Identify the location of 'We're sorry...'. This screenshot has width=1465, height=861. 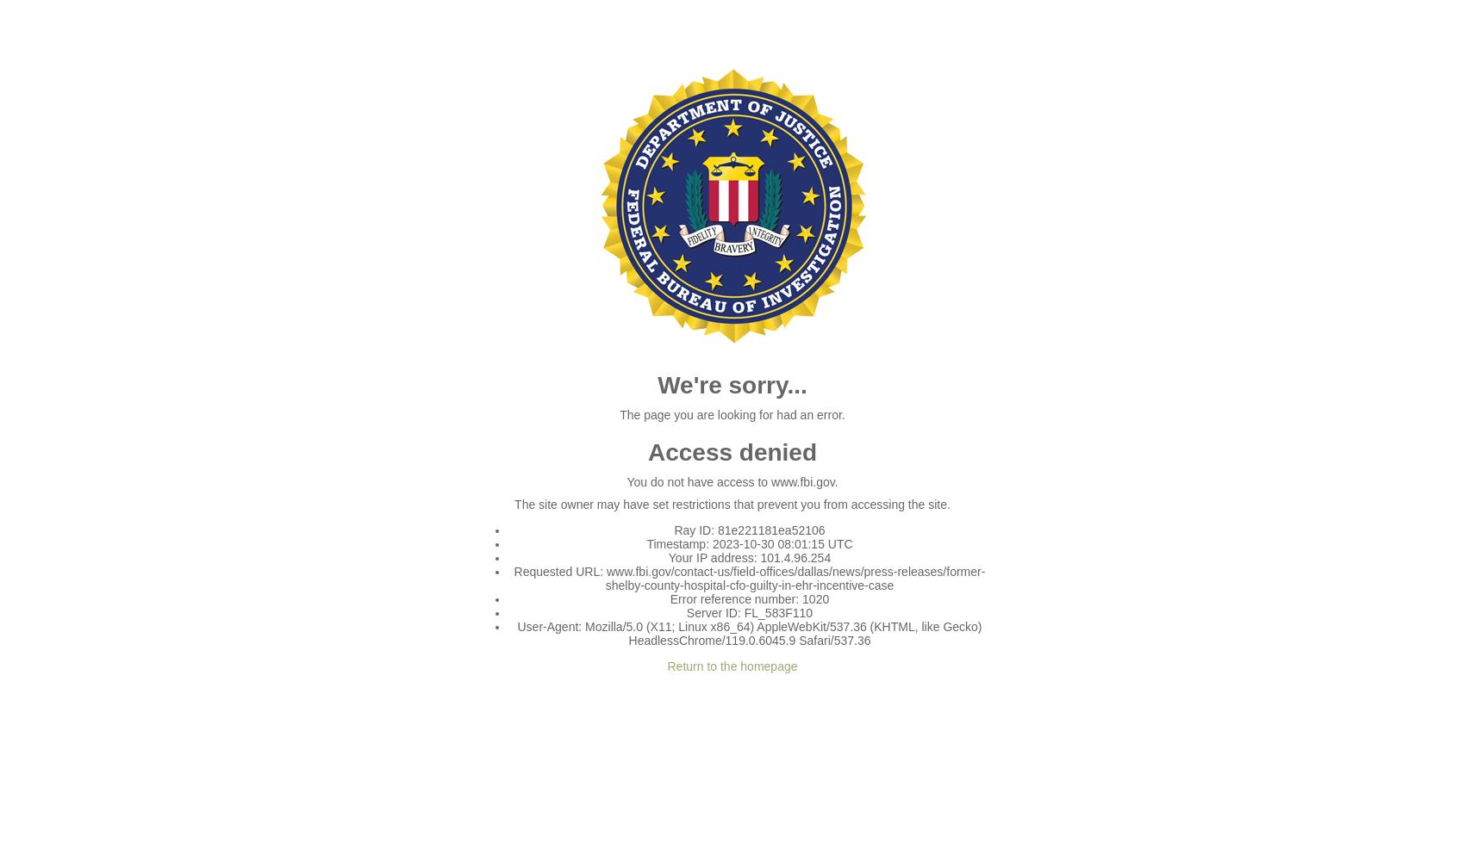
(731, 384).